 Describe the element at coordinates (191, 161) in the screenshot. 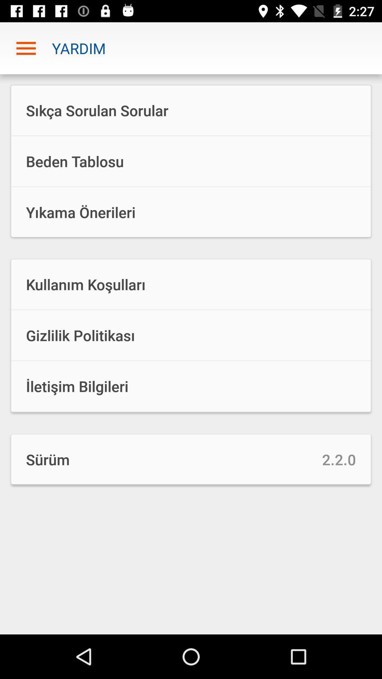

I see `the beden tablosu item` at that location.